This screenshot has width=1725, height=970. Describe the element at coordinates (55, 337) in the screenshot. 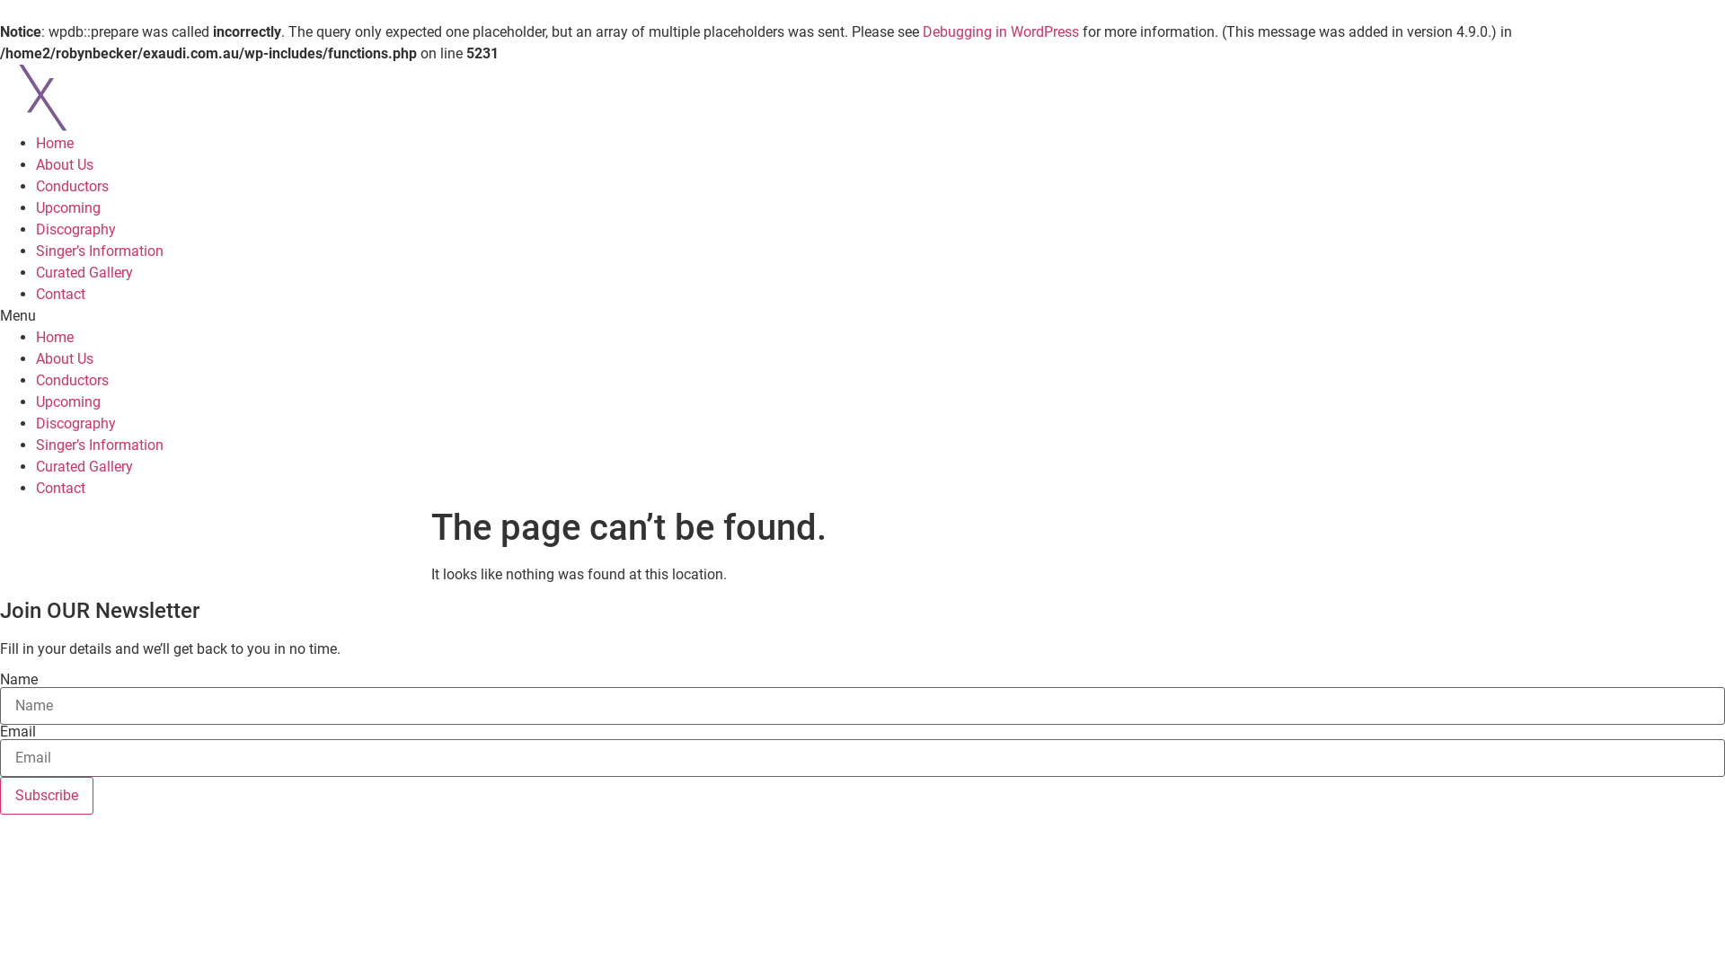

I see `'Home'` at that location.